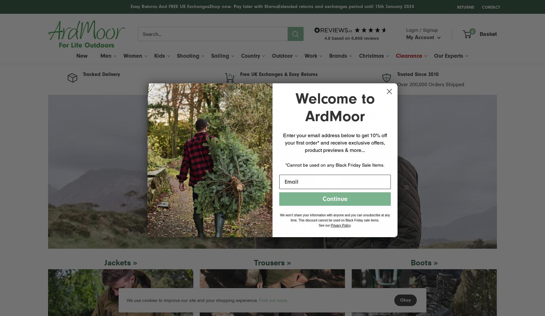 The height and width of the screenshot is (316, 545). I want to click on 'Extended returns and exchanges period until 15th January 2024', so click(346, 6).